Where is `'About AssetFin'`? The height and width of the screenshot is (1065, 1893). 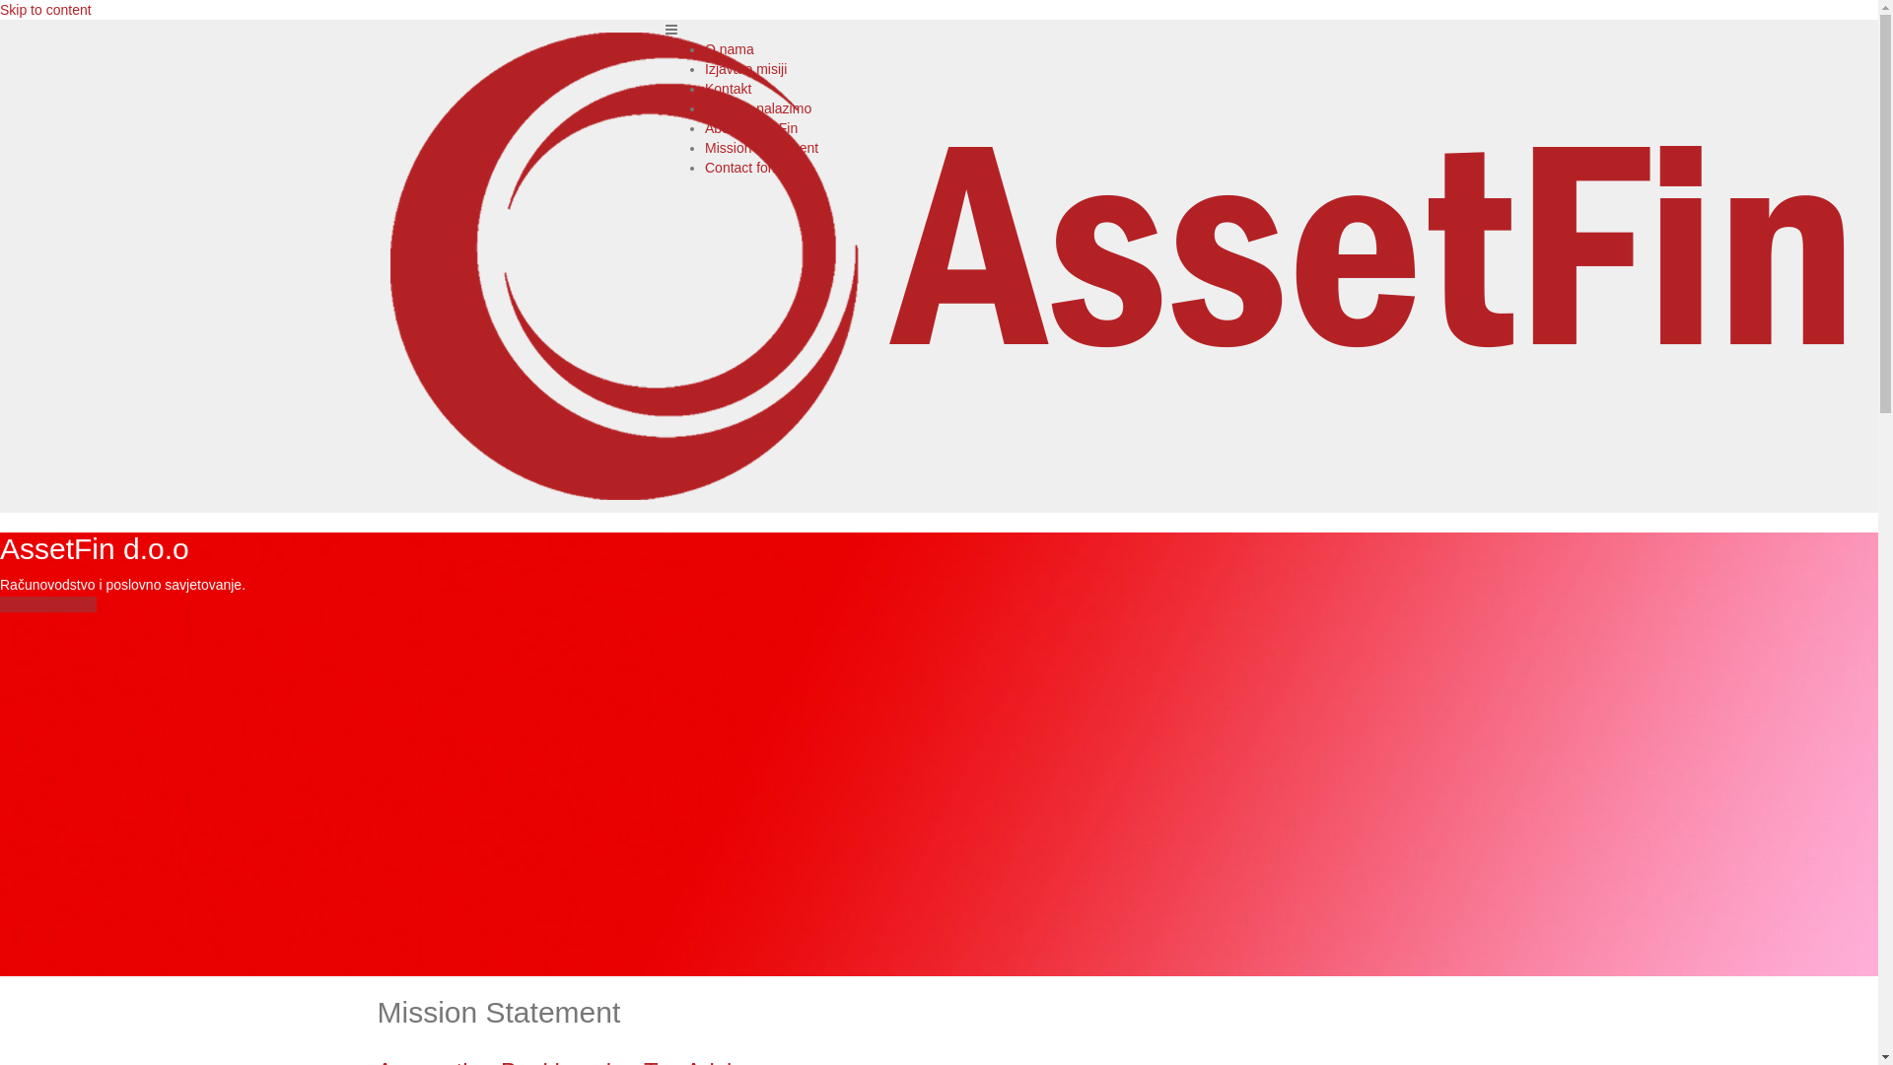
'About AssetFin' is located at coordinates (750, 128).